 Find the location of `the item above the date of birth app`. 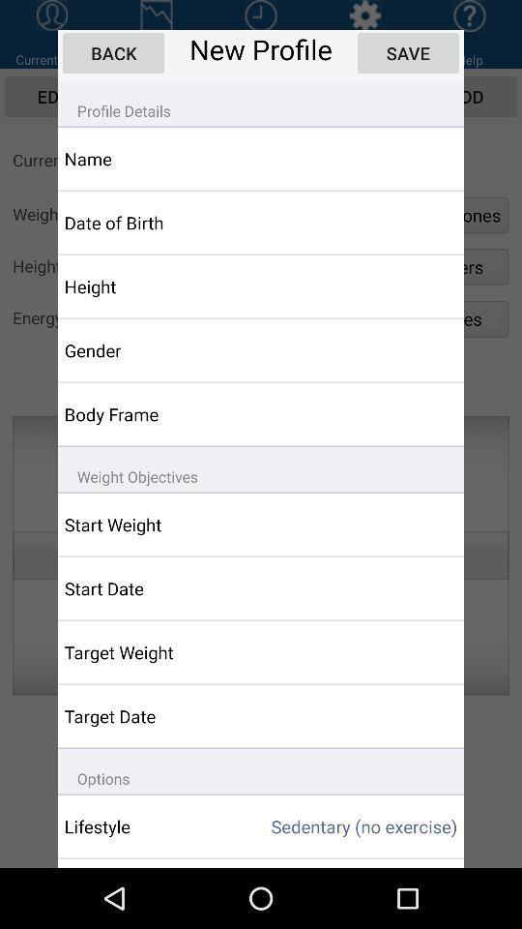

the item above the date of birth app is located at coordinates (150, 158).